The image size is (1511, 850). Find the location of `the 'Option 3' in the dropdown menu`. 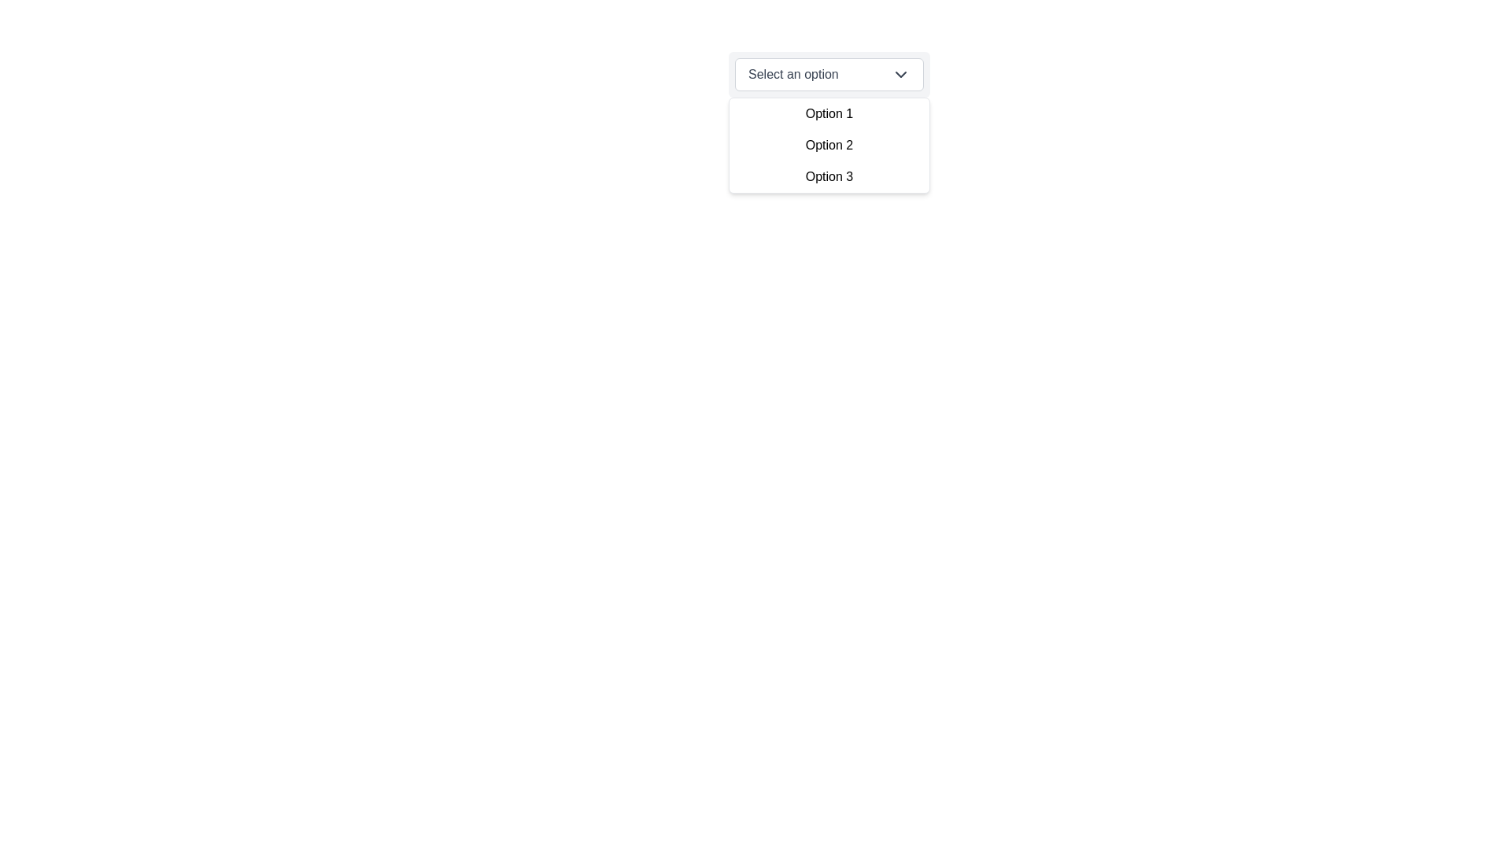

the 'Option 3' in the dropdown menu is located at coordinates (829, 176).